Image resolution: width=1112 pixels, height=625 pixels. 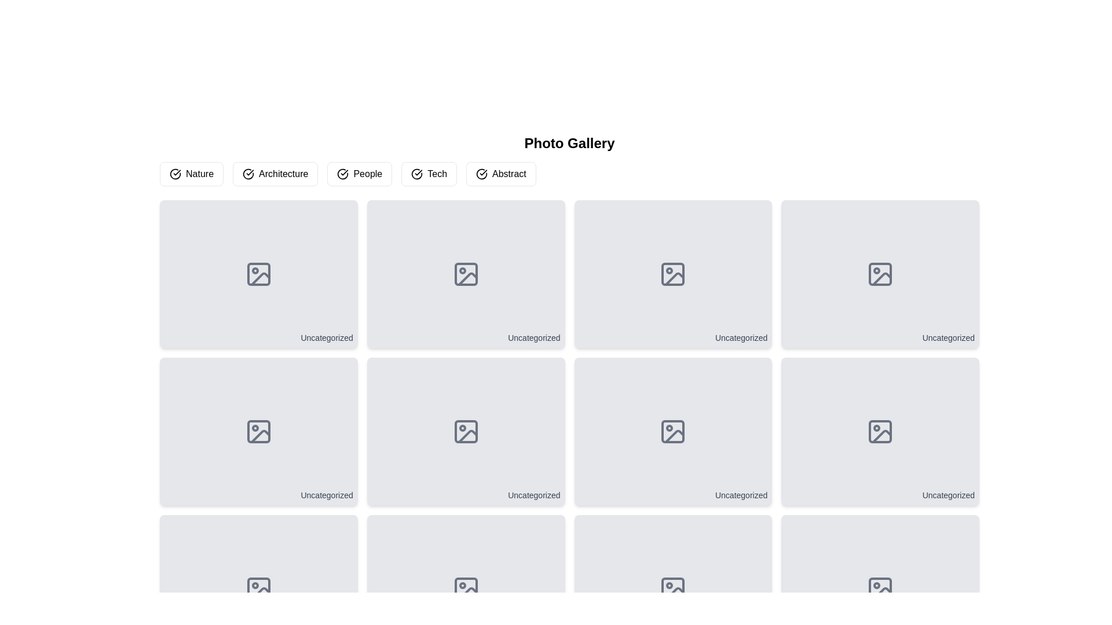 What do you see at coordinates (258, 274) in the screenshot?
I see `the placeholder icon located near the center of the 'Uncategorized' panel in the first column of the first row in the grid layout` at bounding box center [258, 274].